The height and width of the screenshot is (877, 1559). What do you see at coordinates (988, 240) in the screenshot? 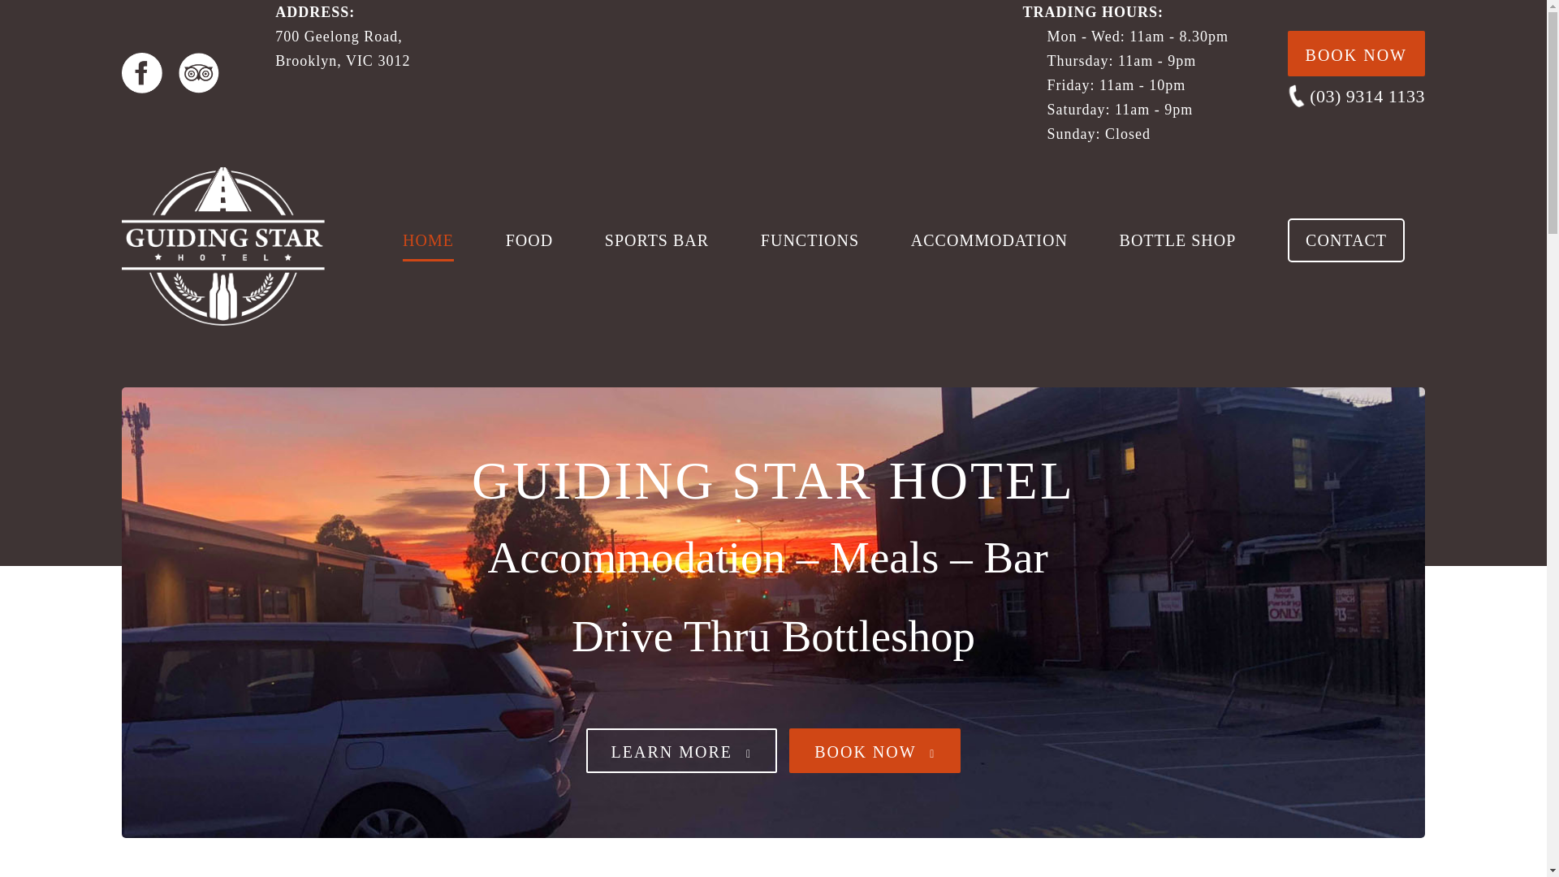
I see `'ACCOMMODATION'` at bounding box center [988, 240].